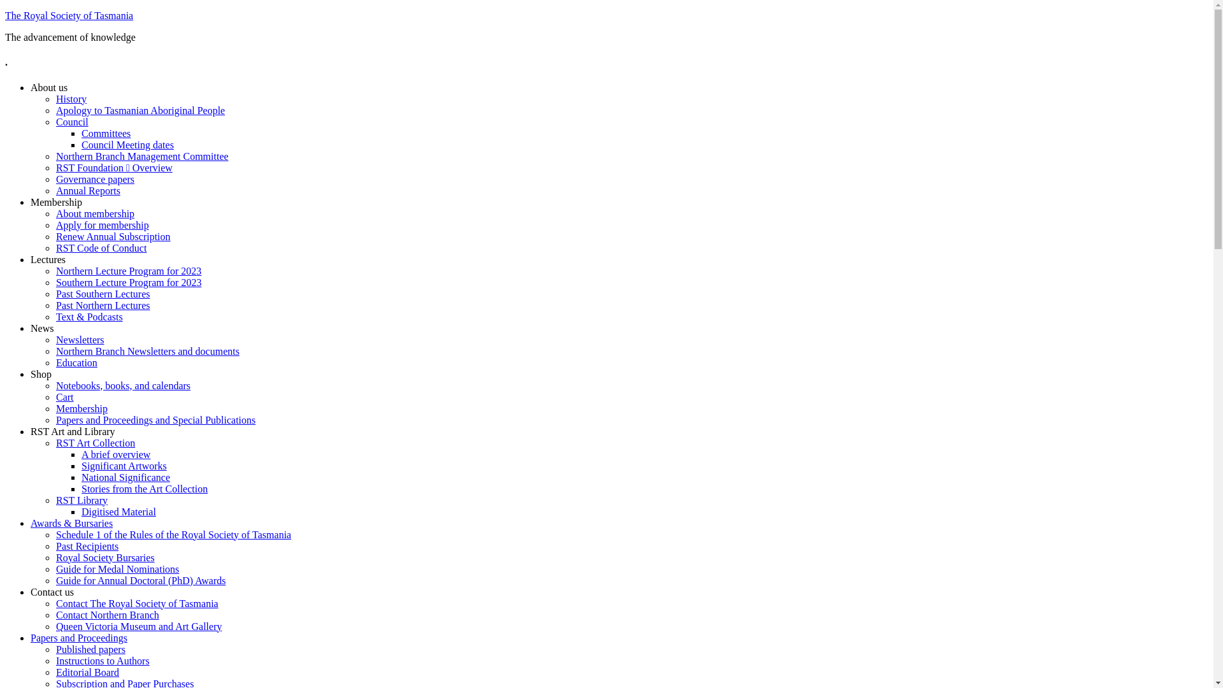 The height and width of the screenshot is (688, 1223). Describe the element at coordinates (55, 110) in the screenshot. I see `'Apology to Tasmanian Aboriginal People'` at that location.